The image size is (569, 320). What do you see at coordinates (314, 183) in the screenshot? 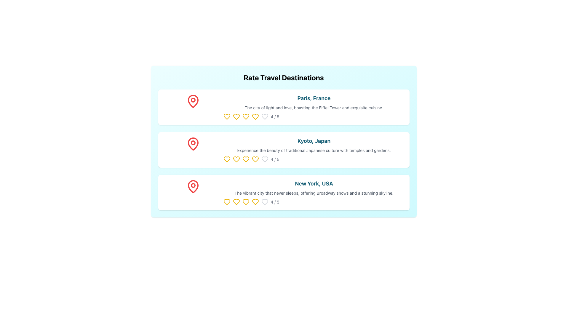
I see `the Text Label displaying 'New York, USA', which is centrally located at the top of the third entry in the list of destinations` at bounding box center [314, 183].